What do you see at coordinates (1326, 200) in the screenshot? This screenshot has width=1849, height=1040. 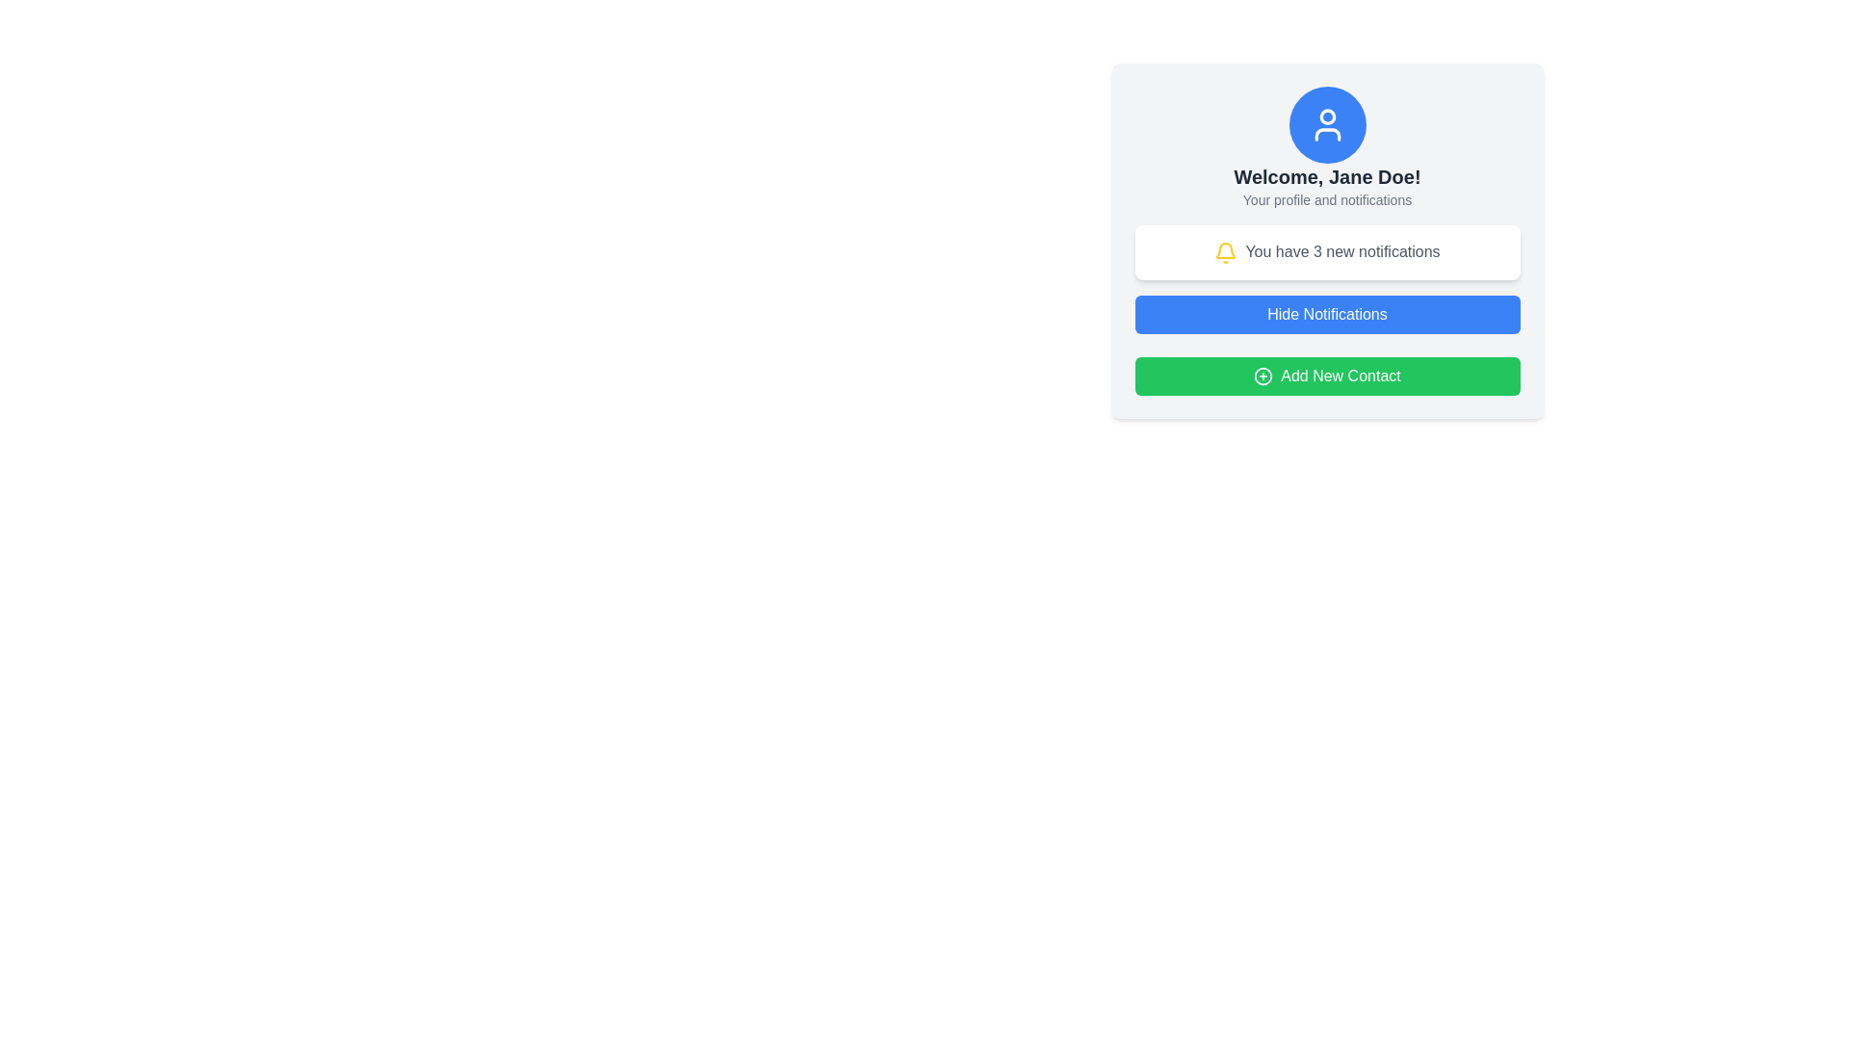 I see `the small text label displaying 'Your profile and notifications', which is located beneath the bold welcome message 'Welcome, Jane Doe!'` at bounding box center [1326, 200].